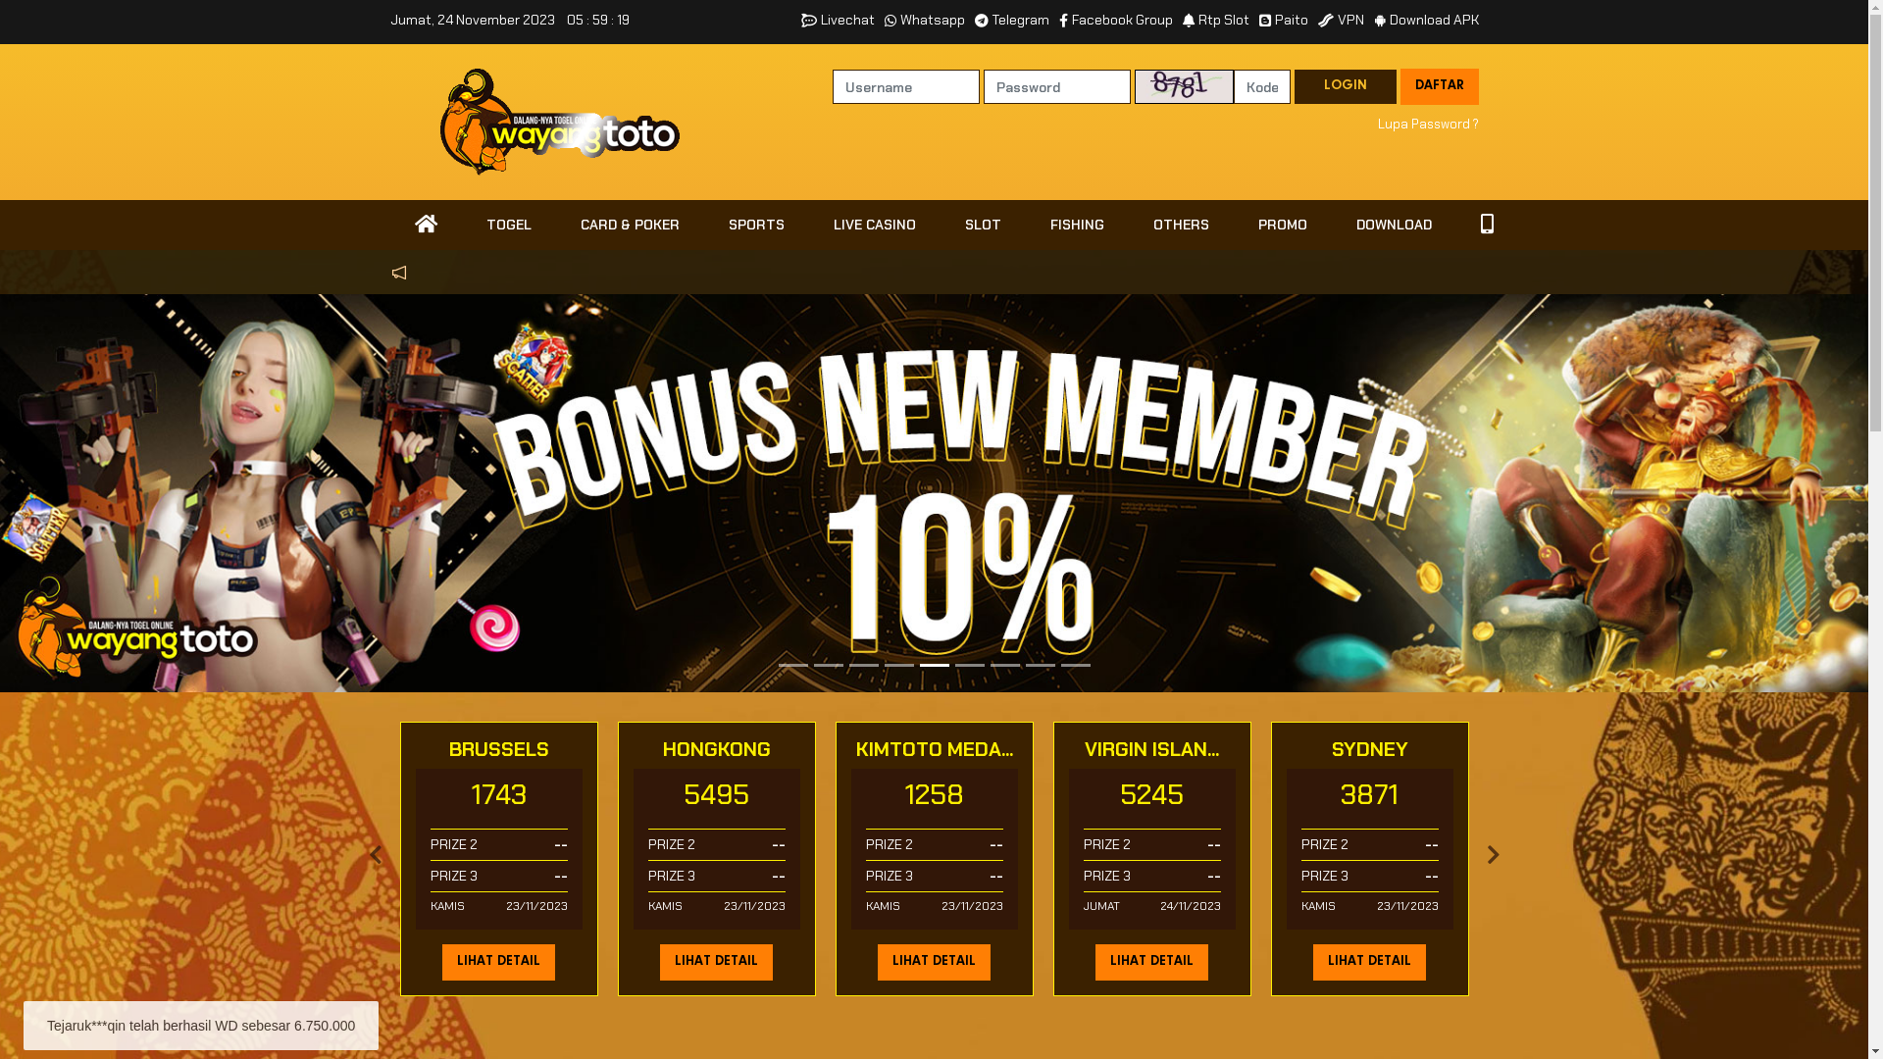  I want to click on 'DOWNLOAD', so click(1393, 224).